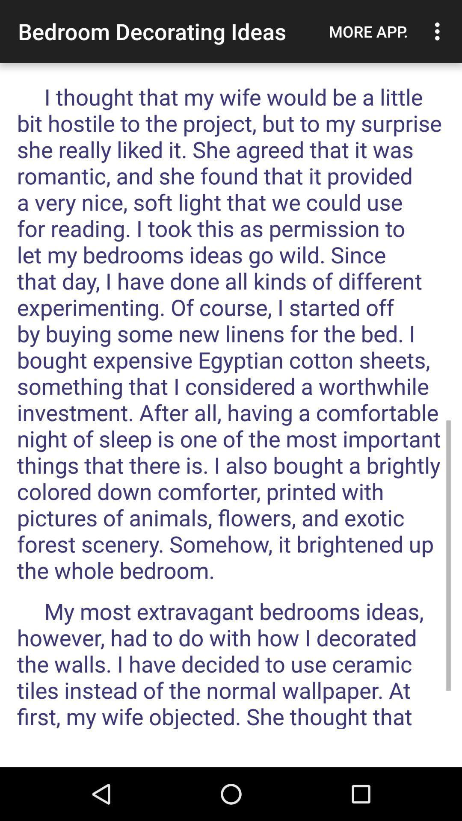 The height and width of the screenshot is (821, 462). I want to click on more app. item, so click(368, 31).